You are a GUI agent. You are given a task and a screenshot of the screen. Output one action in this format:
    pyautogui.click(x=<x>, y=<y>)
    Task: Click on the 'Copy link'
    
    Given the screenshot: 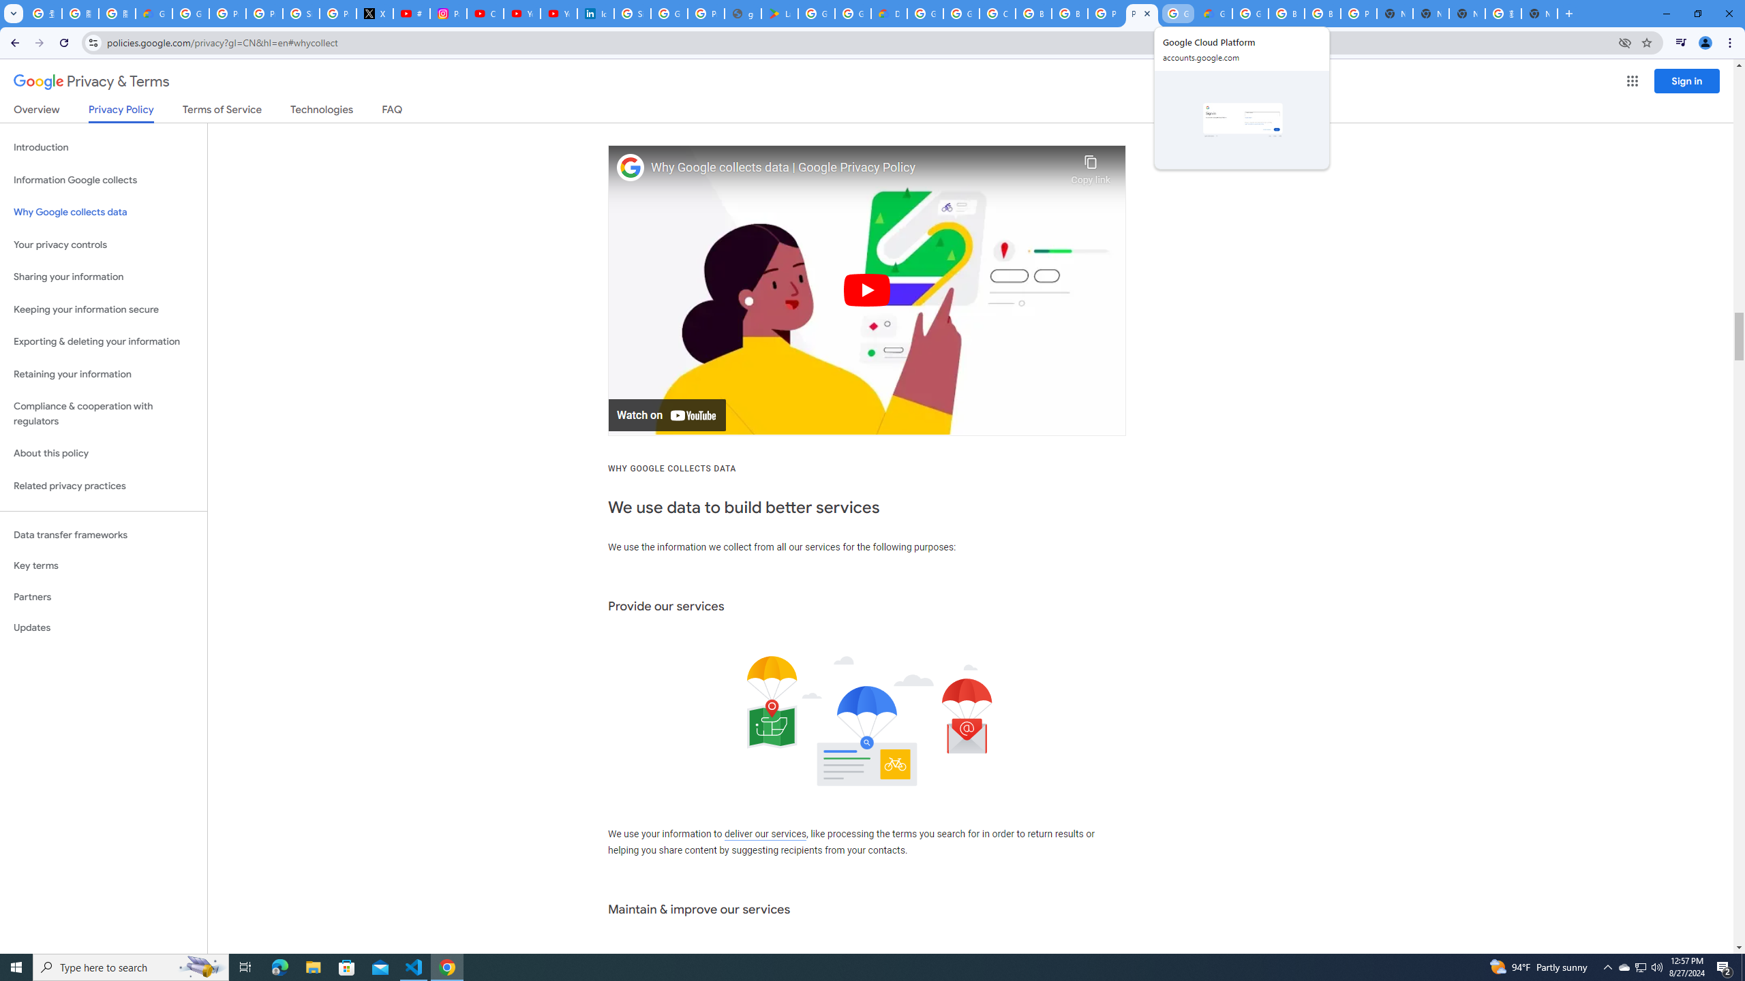 What is the action you would take?
    pyautogui.click(x=1090, y=166)
    